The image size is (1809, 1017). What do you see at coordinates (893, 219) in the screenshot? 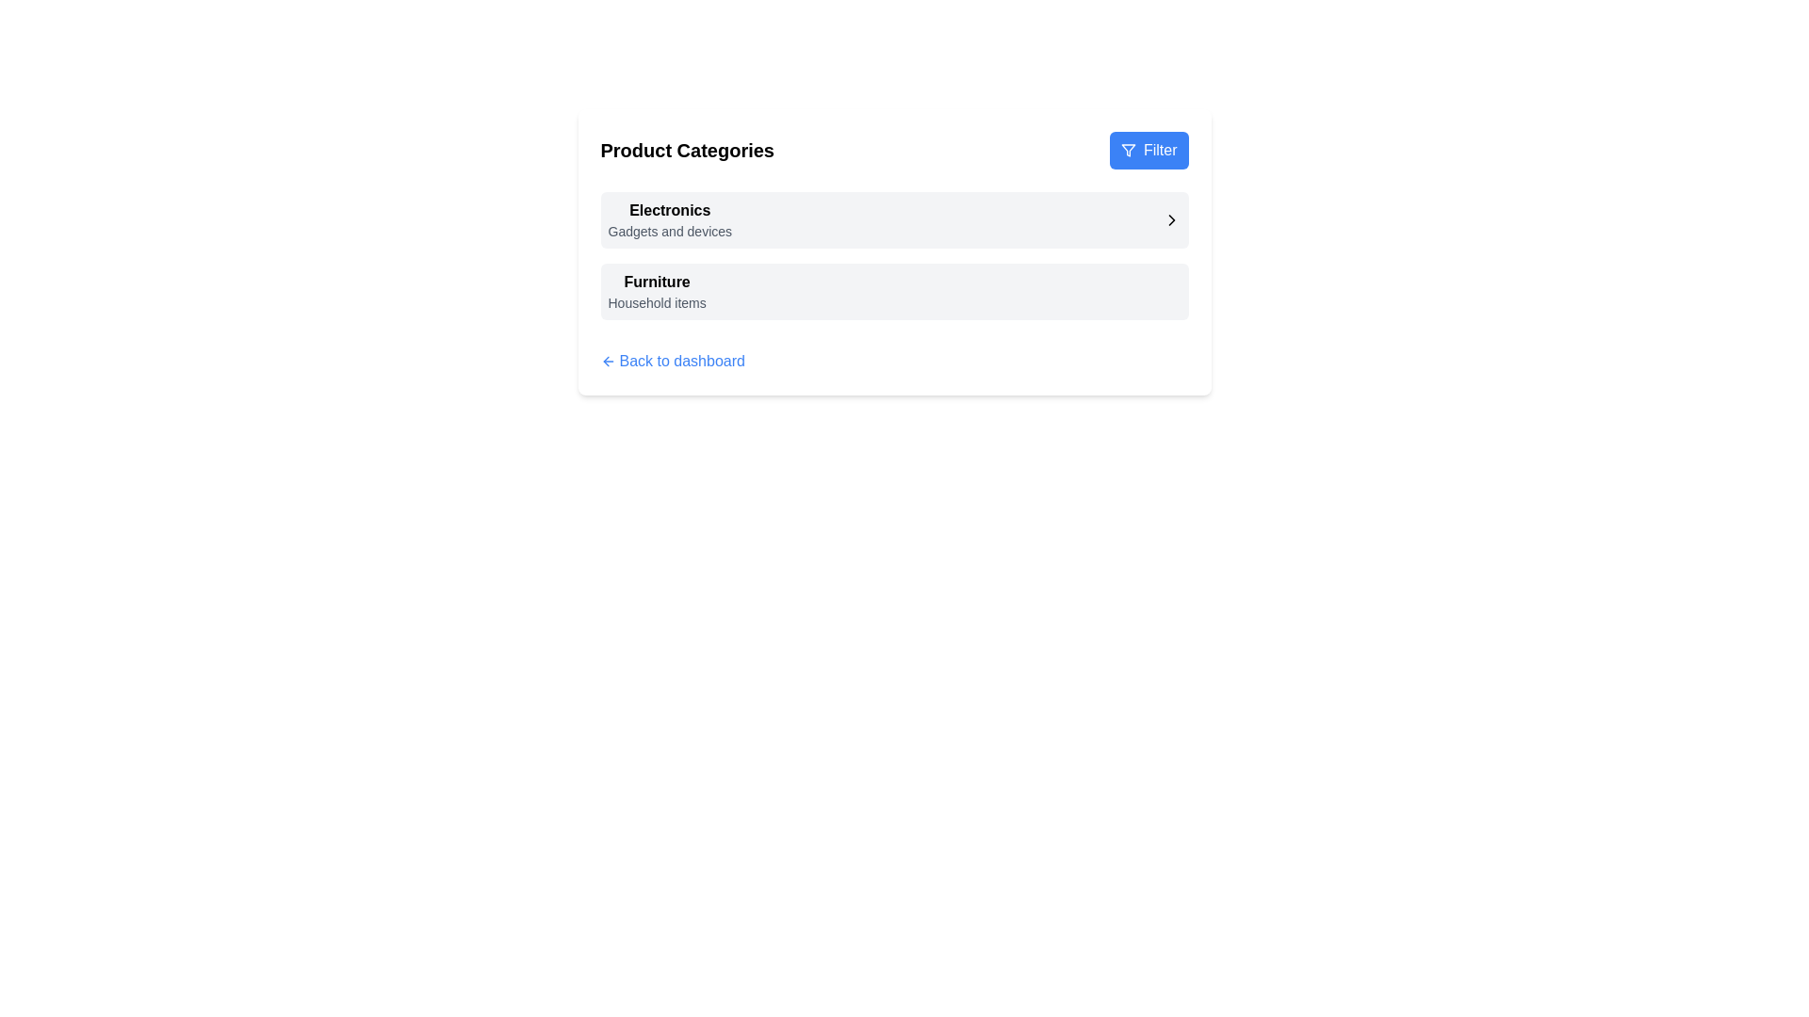
I see `the 'Electronics' list item in the 'Product Categories' section` at bounding box center [893, 219].